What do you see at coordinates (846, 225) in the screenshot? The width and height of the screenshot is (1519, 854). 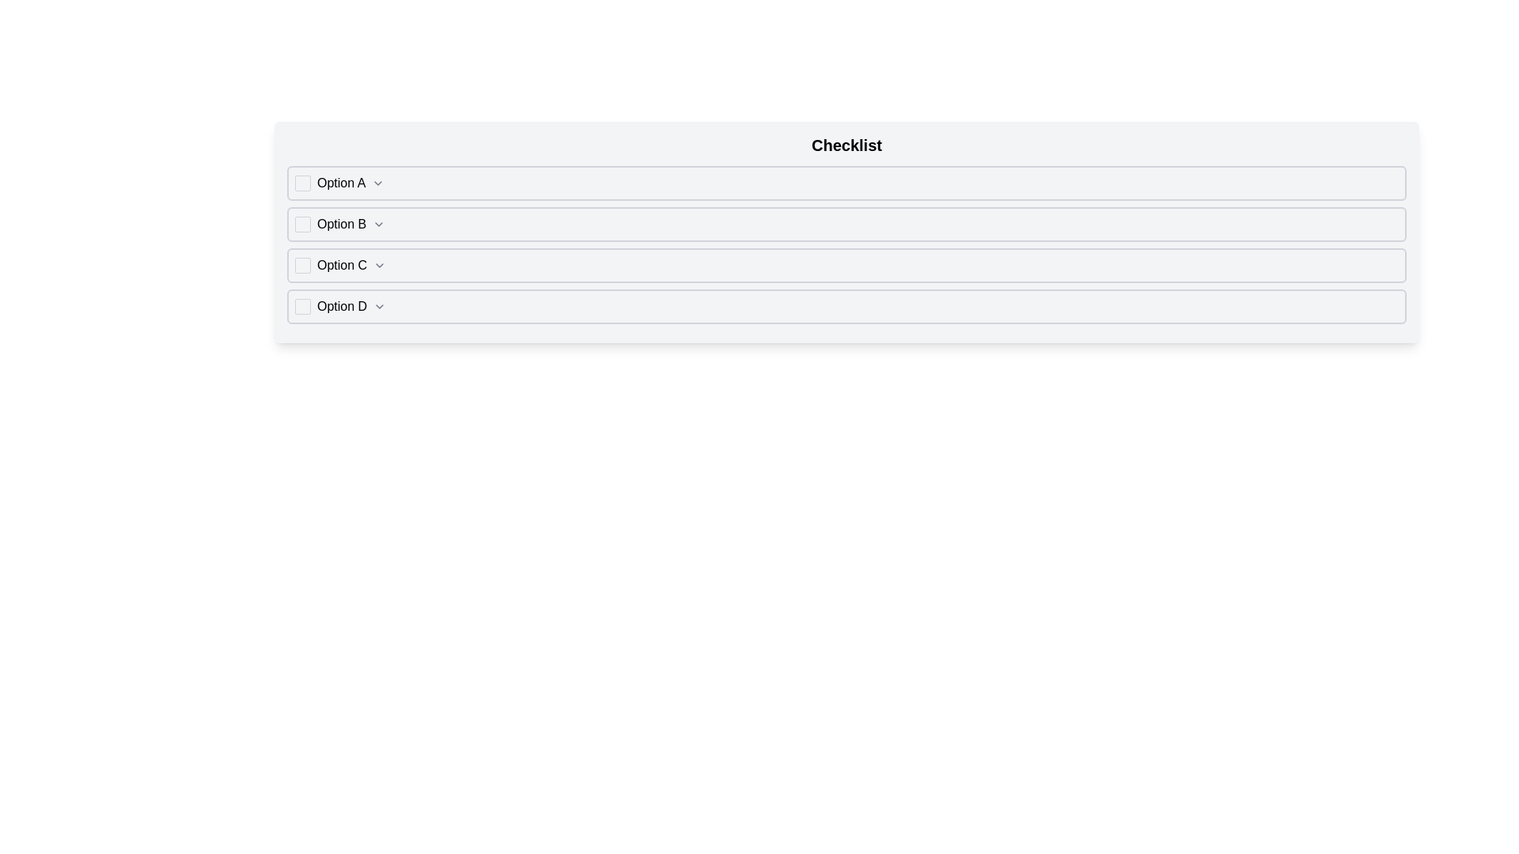 I see `the second selectable row labeled 'Option B' in the 'Checklist'` at bounding box center [846, 225].